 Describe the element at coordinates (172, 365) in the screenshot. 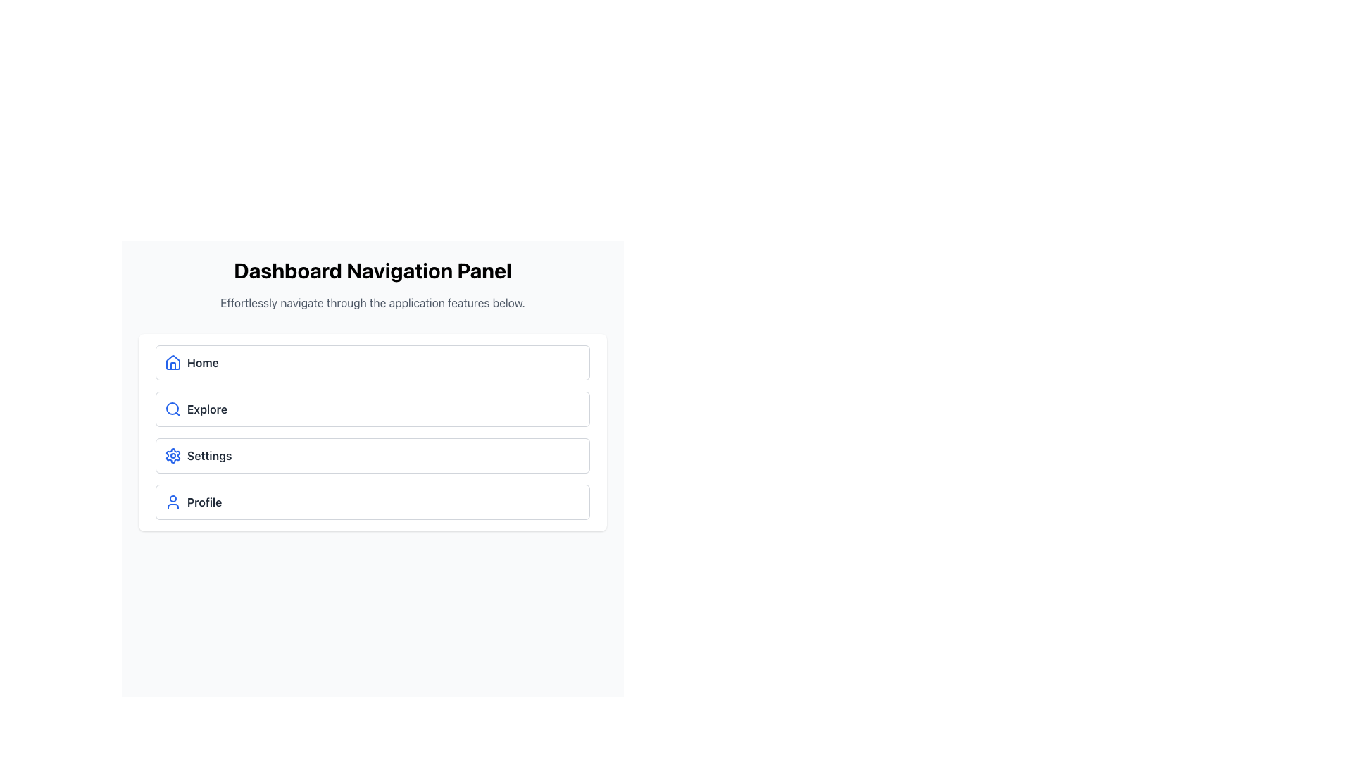

I see `the house structure icon, specifically the roof with supporting walls, located within the 'Home' navigation item` at that location.